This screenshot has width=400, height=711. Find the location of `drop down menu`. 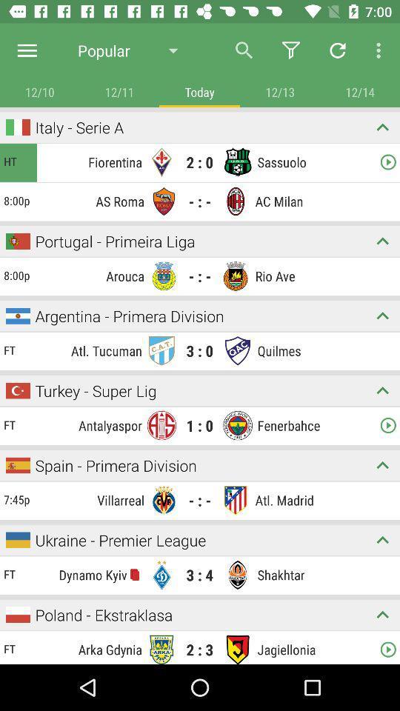

drop down menu is located at coordinates (382, 241).